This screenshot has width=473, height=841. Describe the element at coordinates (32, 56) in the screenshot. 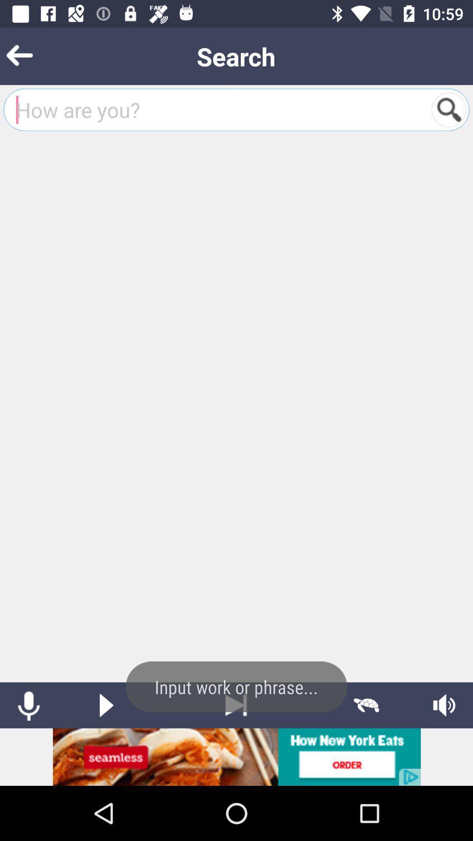

I see `the arrow_backward icon` at that location.